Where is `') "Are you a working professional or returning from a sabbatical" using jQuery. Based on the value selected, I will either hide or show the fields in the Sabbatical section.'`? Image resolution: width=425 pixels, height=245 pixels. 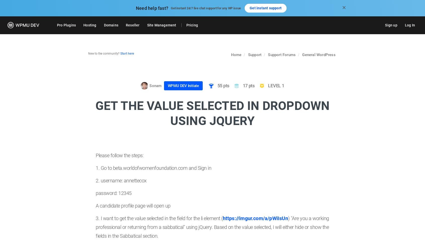 ') "Are you a working professional or returning from a sabbatical" using jQuery. Based on the value selected, I will either hide or show the fields in the Sabbatical section.' is located at coordinates (96, 227).